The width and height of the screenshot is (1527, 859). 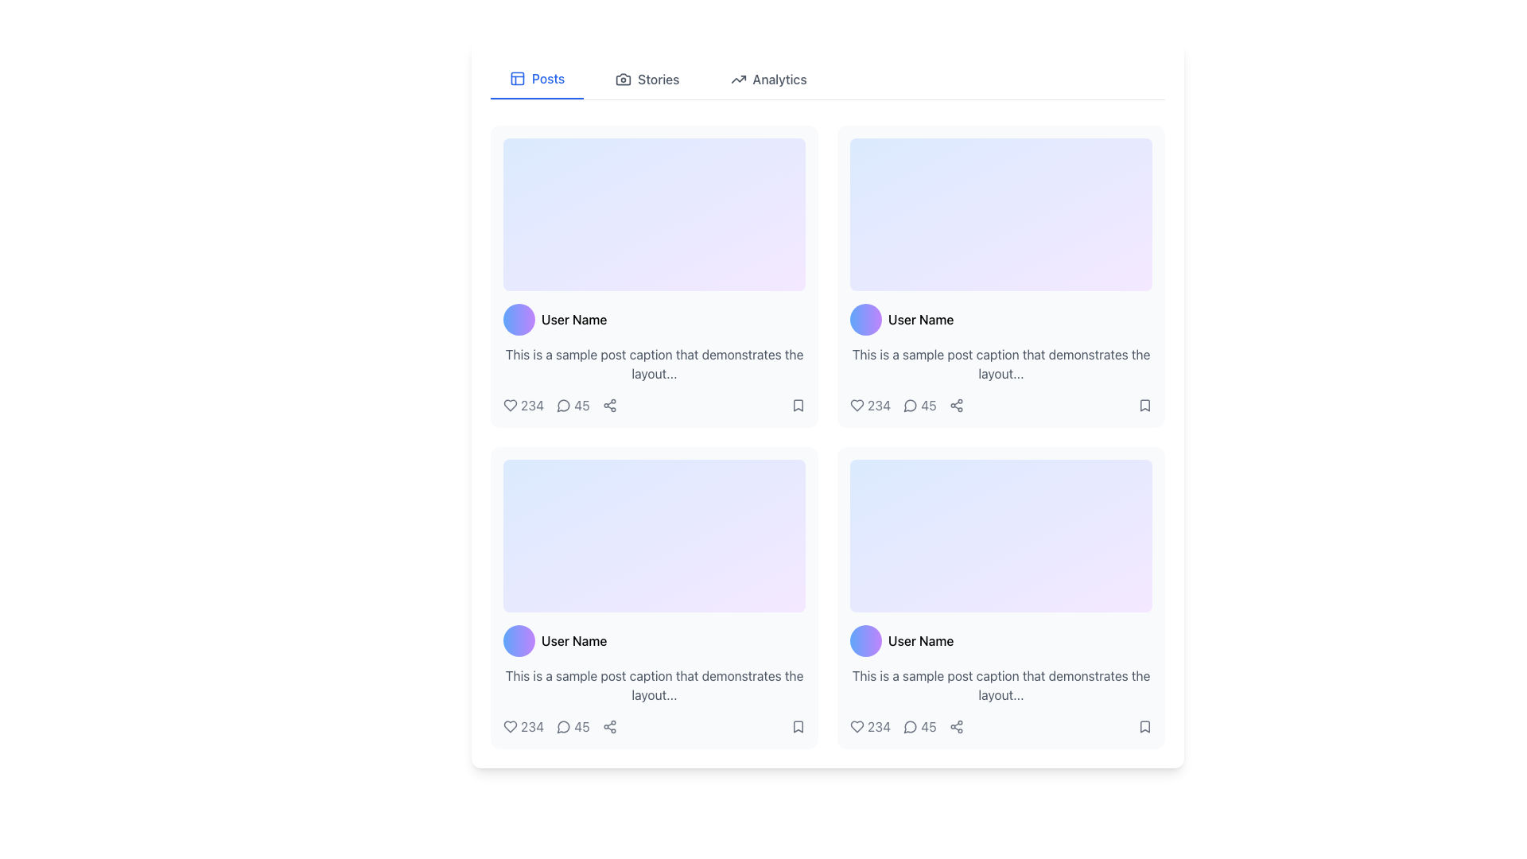 I want to click on the heart-shaped outline icon located beneath the post to like the post, so click(x=857, y=727).